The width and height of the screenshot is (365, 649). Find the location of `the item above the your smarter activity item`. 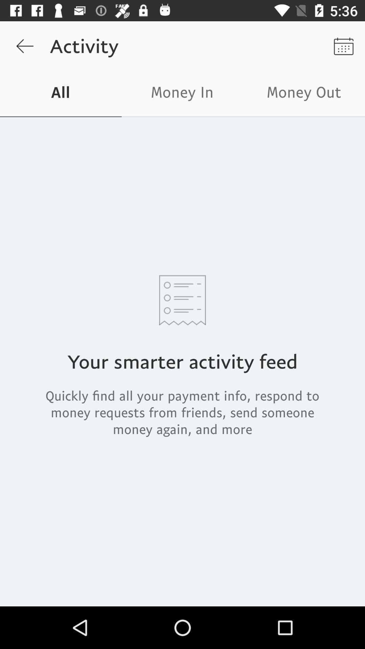

the item above the your smarter activity item is located at coordinates (303, 94).